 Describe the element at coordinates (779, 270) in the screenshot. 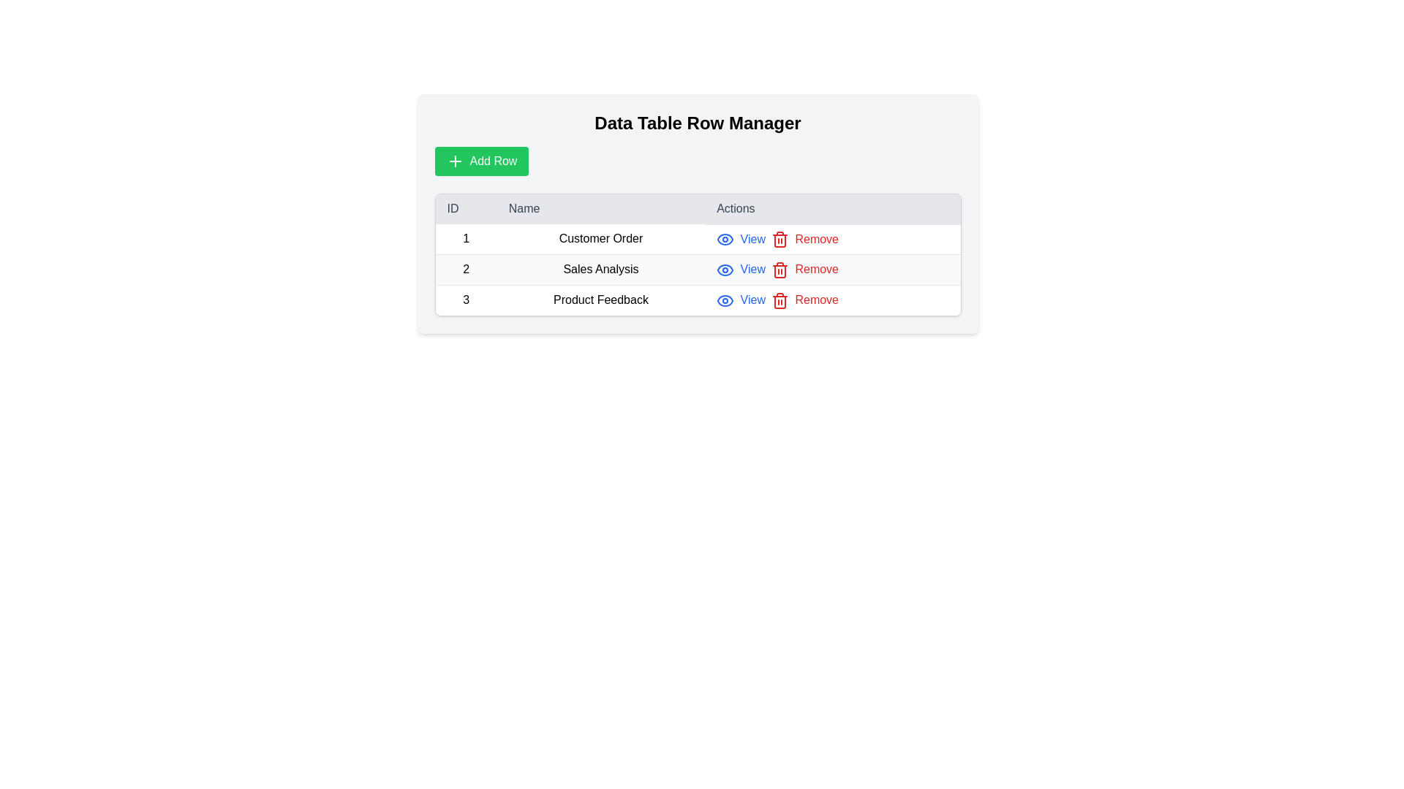

I see `the delete icon in the Actions column of the data table` at that location.